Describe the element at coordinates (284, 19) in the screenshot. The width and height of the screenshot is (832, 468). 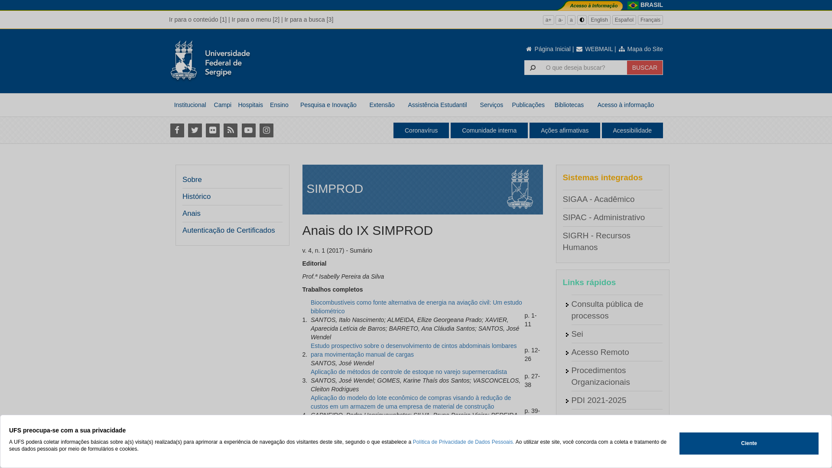
I see `'Ir para a busca [3]'` at that location.